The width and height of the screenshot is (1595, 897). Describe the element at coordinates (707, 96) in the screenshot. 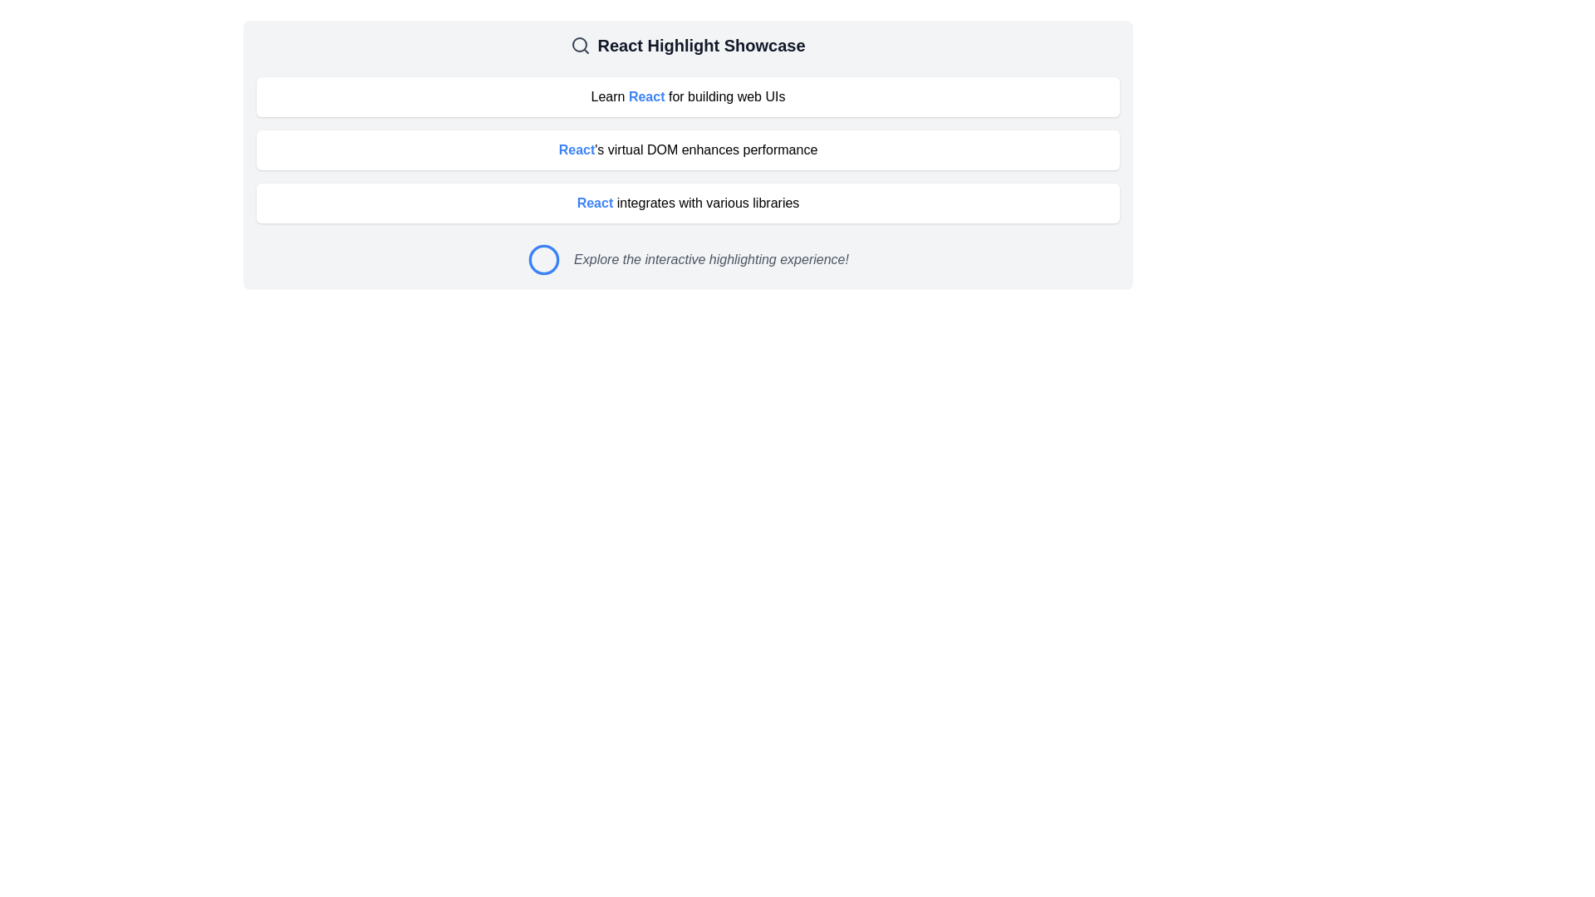

I see `the word 'React' within the informational text component that describes building web UIs with React, located near the top of the application interface` at that location.